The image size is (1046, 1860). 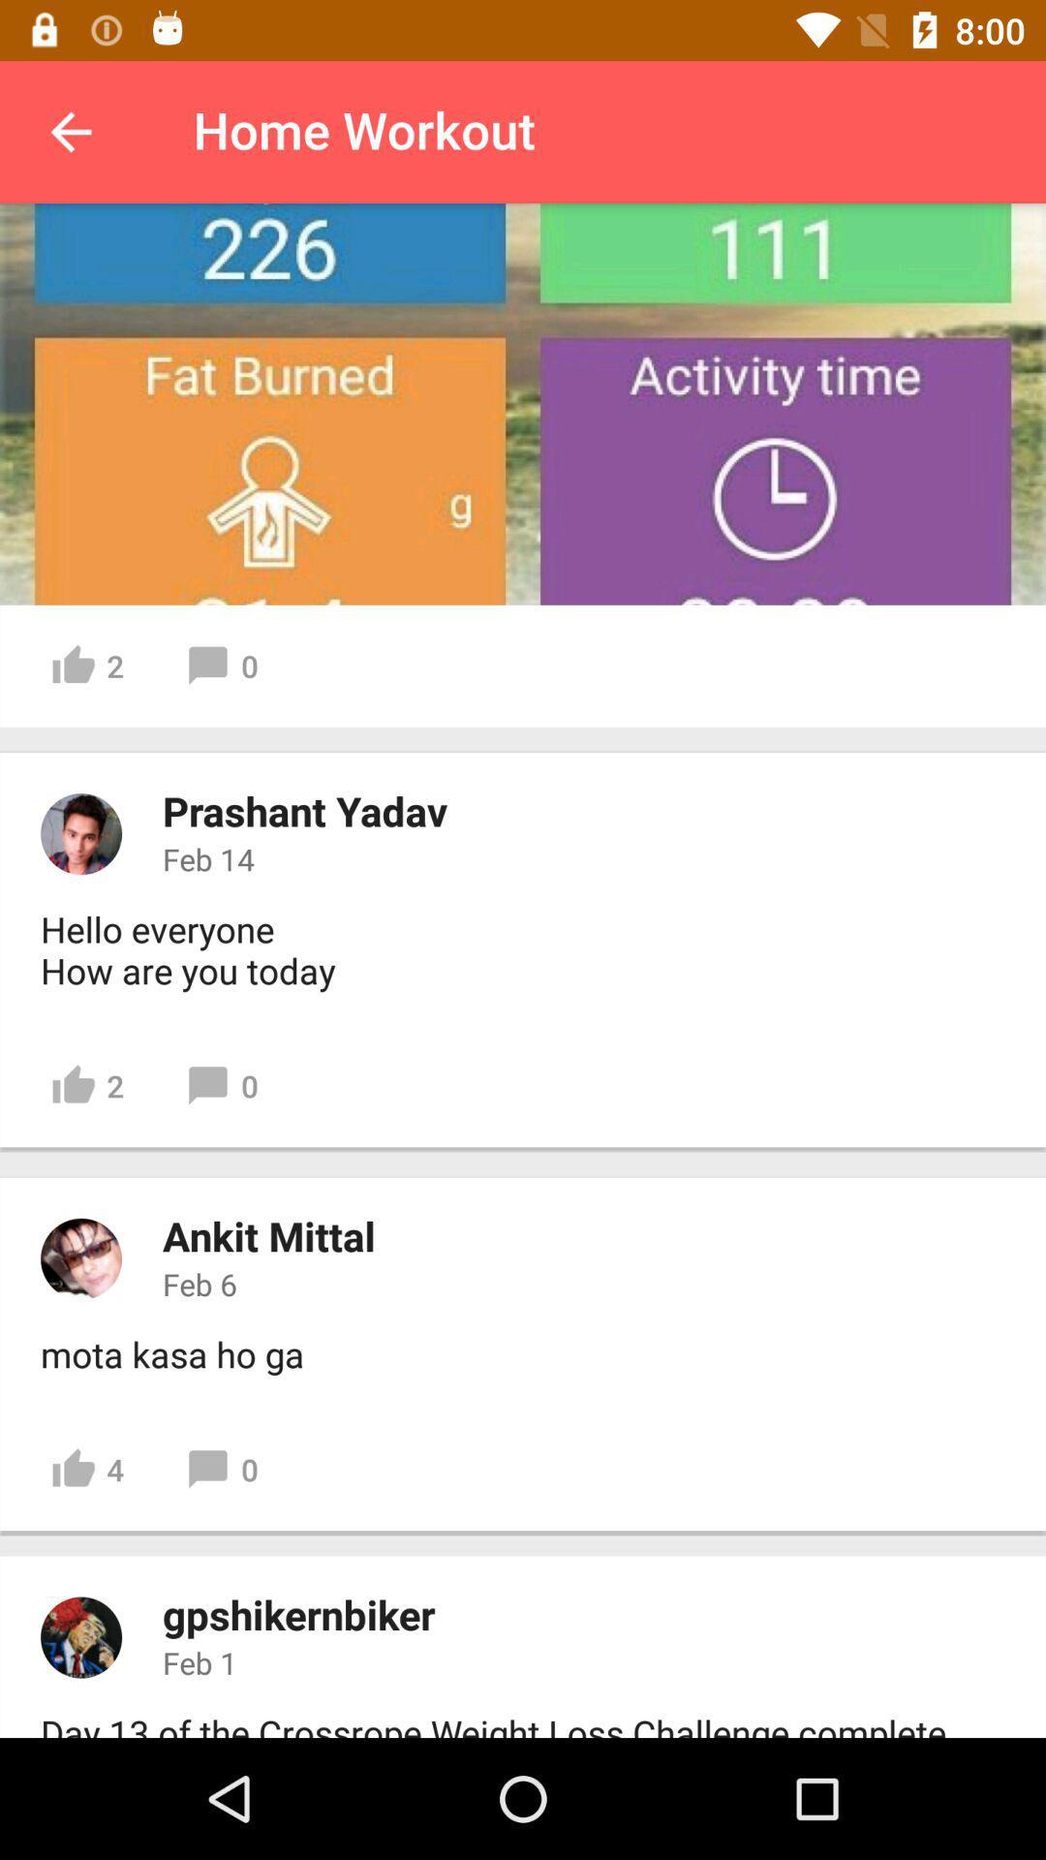 I want to click on the icon above the feb 6 item, so click(x=268, y=1234).